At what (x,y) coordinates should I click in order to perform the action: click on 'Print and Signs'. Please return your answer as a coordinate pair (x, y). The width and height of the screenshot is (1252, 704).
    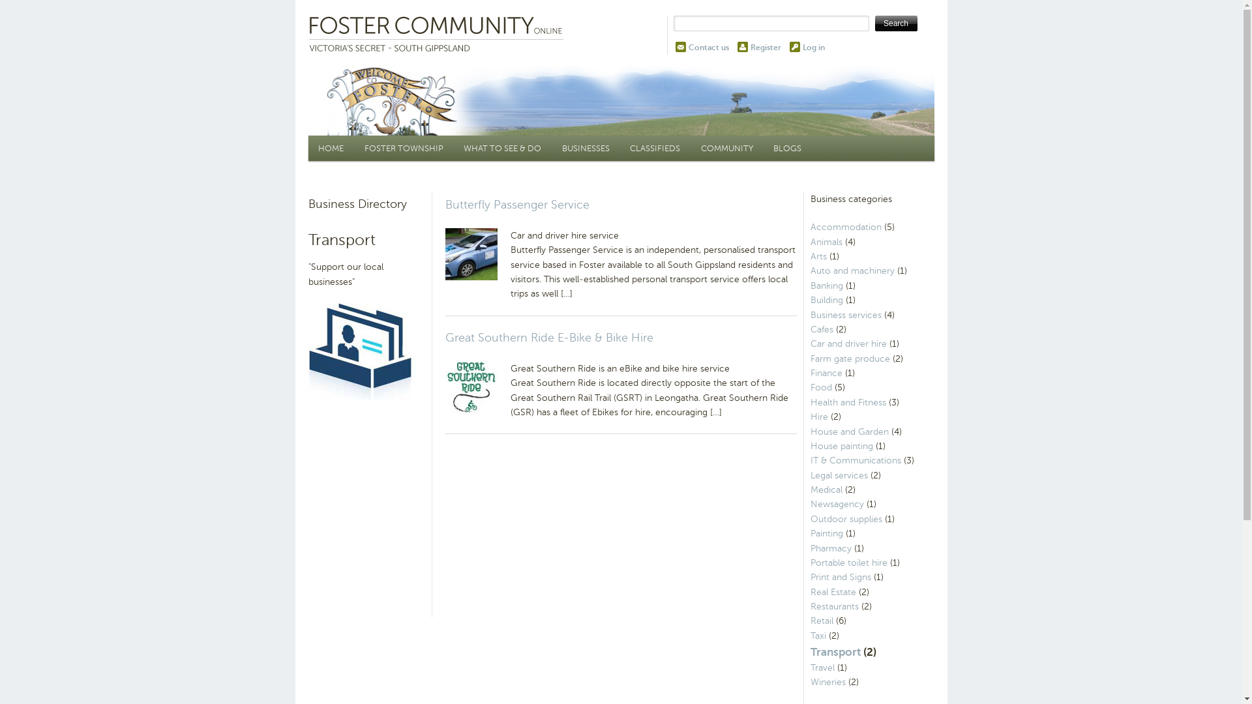
    Looking at the image, I should click on (840, 576).